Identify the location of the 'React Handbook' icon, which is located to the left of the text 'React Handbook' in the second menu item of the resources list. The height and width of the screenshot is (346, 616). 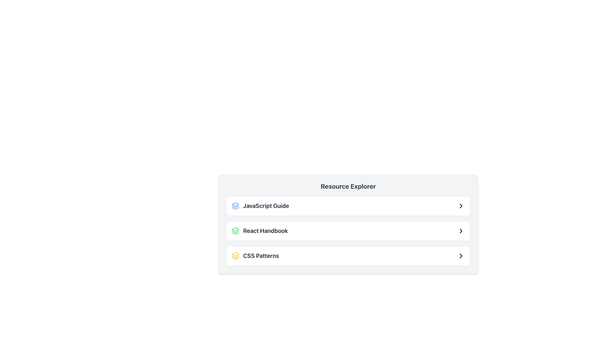
(235, 231).